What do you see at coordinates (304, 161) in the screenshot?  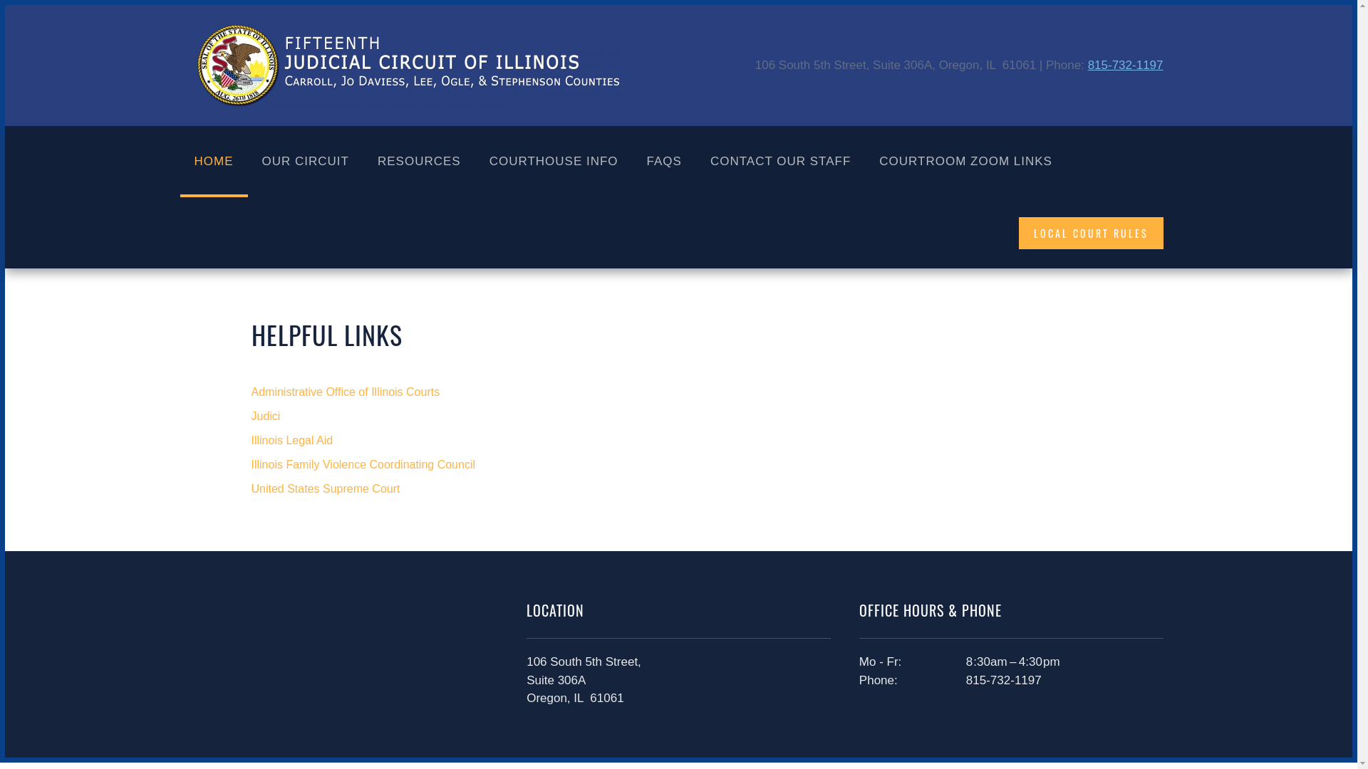 I see `'OUR CIRCUIT'` at bounding box center [304, 161].